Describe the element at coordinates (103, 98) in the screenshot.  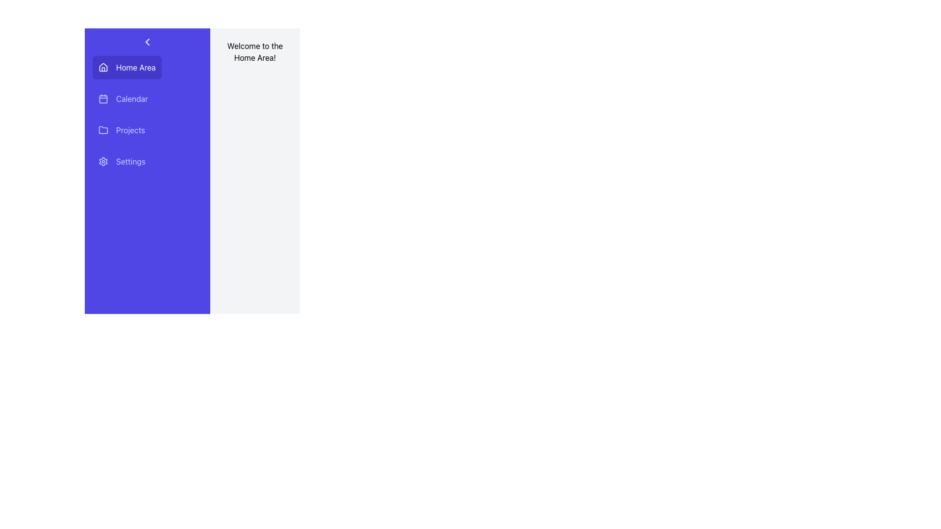
I see `the calendar icon in the navigation menu` at that location.